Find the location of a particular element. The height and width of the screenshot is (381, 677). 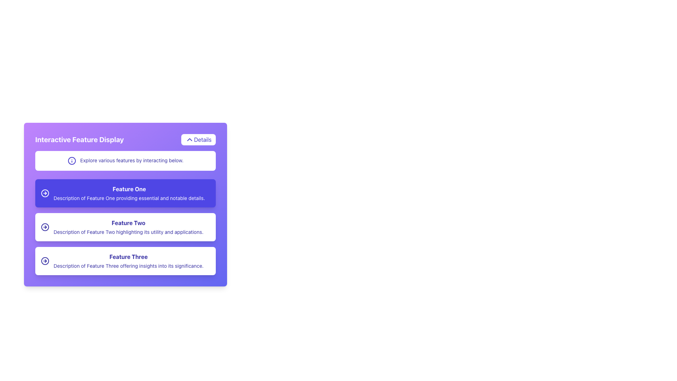

the icon button located to the left of the text describing 'Feature Three' is located at coordinates (45, 261).